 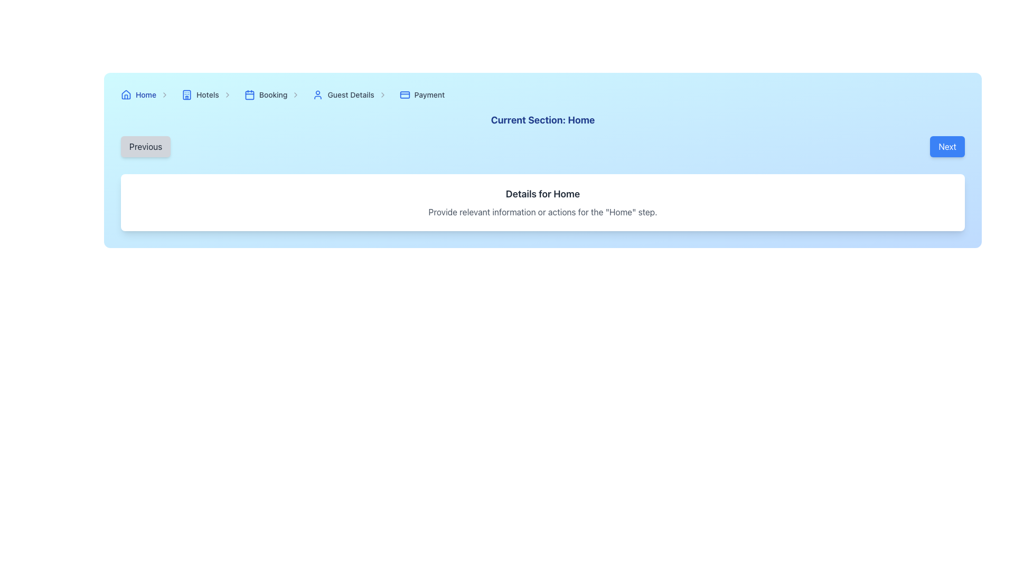 I want to click on the breadcrumb link that navigates to the homepage, located in the upper blue section of the interface, aligned horizontally near the left, so click(x=145, y=95).